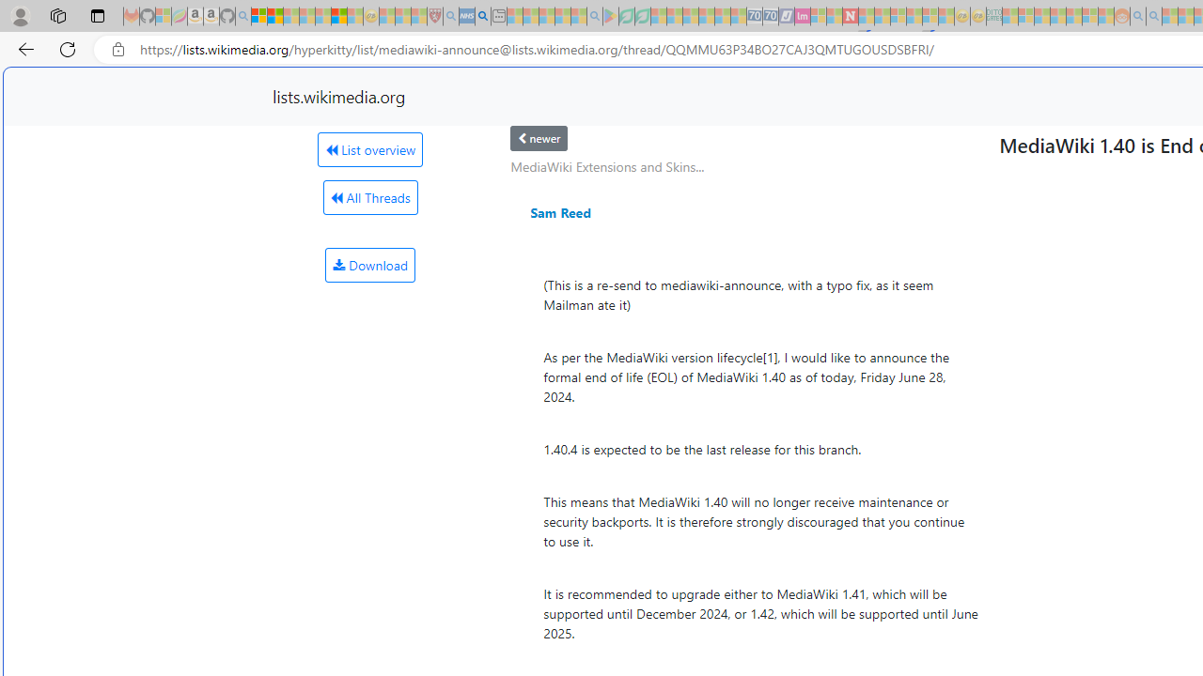 Image resolution: width=1203 pixels, height=676 pixels. Describe the element at coordinates (802, 16) in the screenshot. I see `'Jobs - lastminute.com Investor Portal - Sleeping'` at that location.